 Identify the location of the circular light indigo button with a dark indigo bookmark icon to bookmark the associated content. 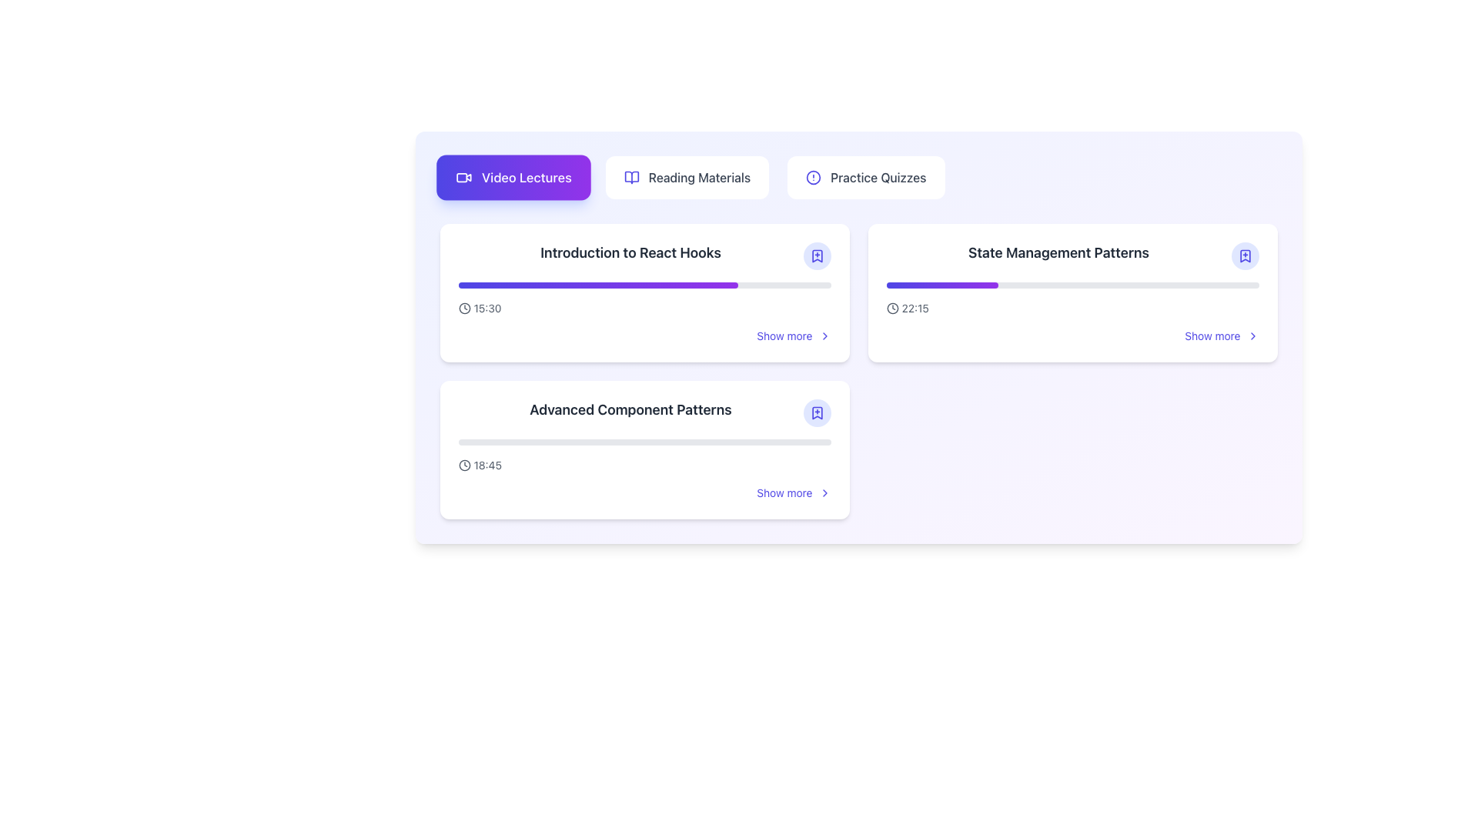
(816, 412).